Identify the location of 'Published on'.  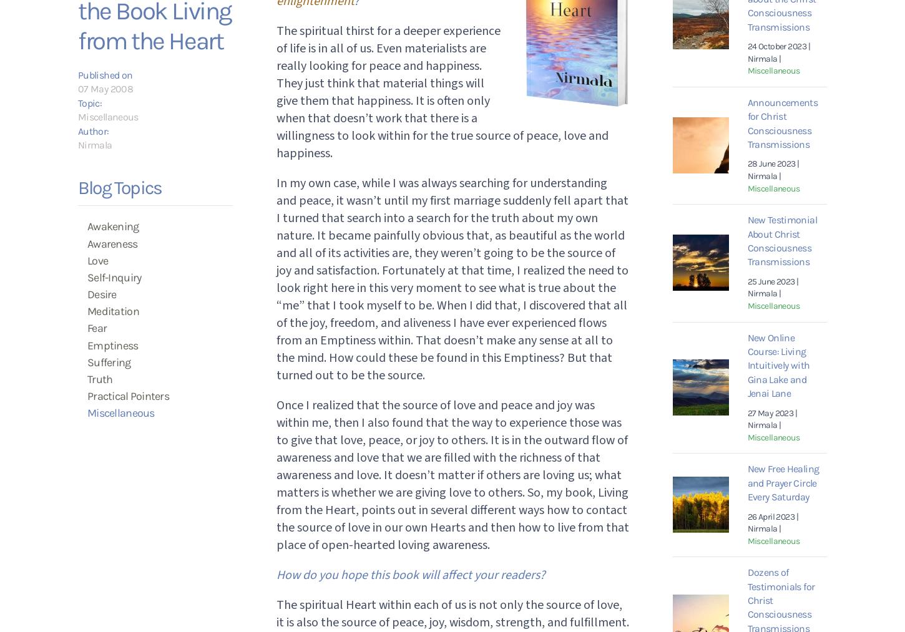
(104, 75).